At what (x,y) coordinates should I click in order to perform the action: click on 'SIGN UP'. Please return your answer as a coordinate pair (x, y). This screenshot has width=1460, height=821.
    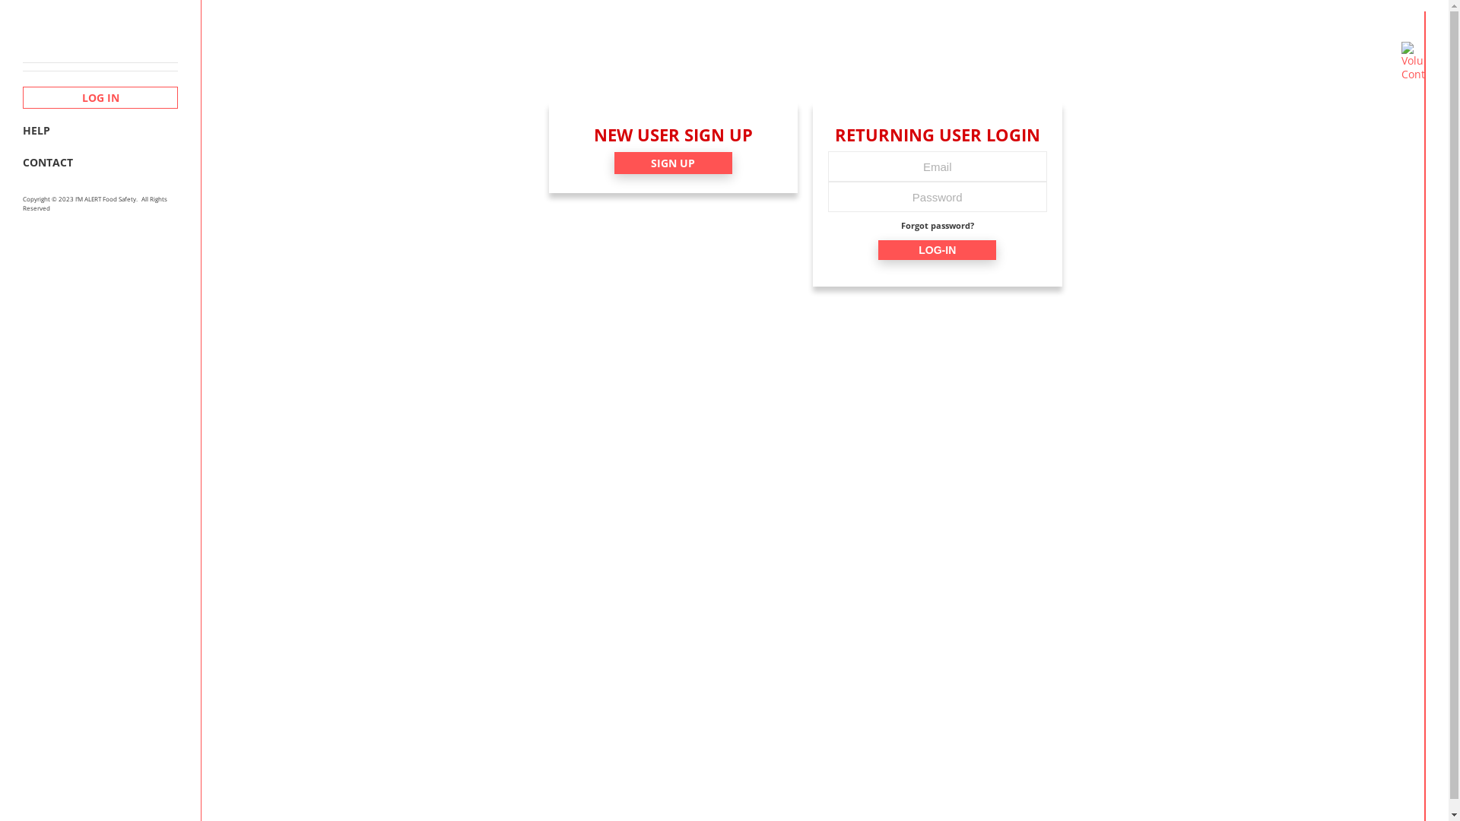
    Looking at the image, I should click on (614, 163).